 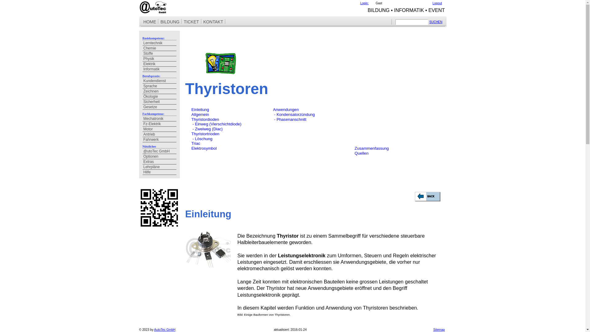 I want to click on 'Zeichnen', so click(x=142, y=91).